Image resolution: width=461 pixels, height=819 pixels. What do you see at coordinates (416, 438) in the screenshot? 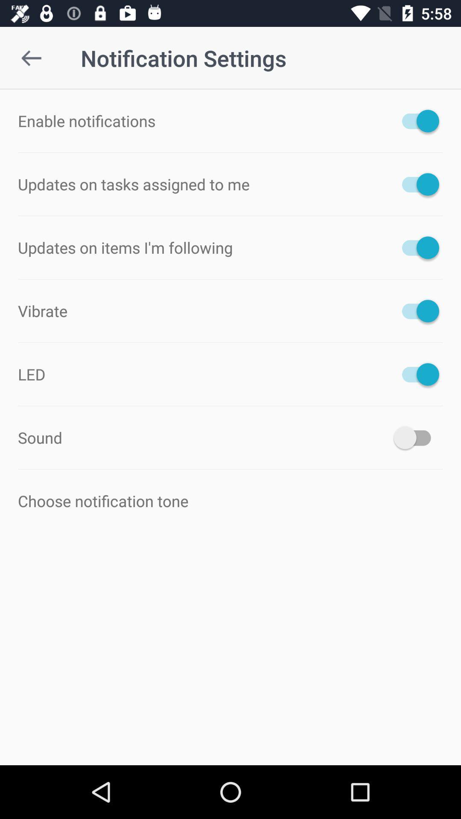
I see `icon to the right of the sound item` at bounding box center [416, 438].